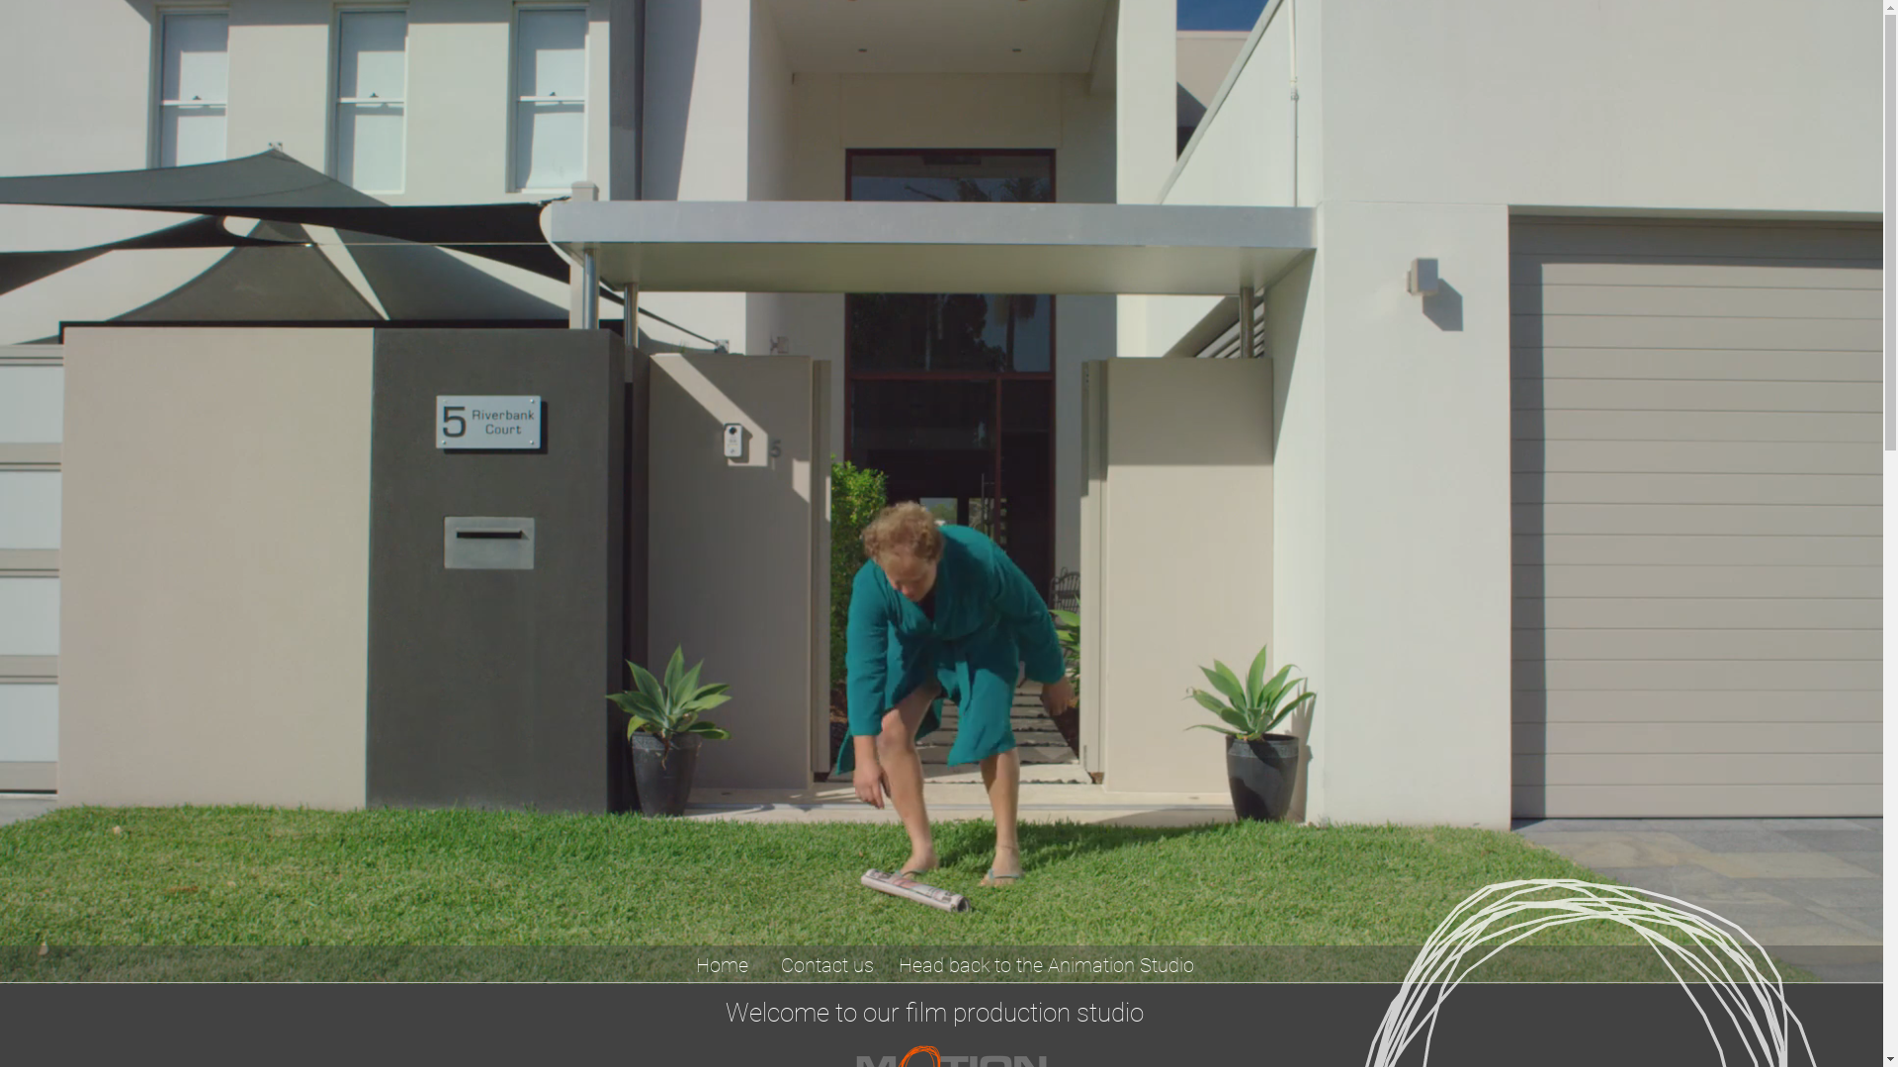 The image size is (1898, 1067). What do you see at coordinates (720, 963) in the screenshot?
I see `'Home'` at bounding box center [720, 963].